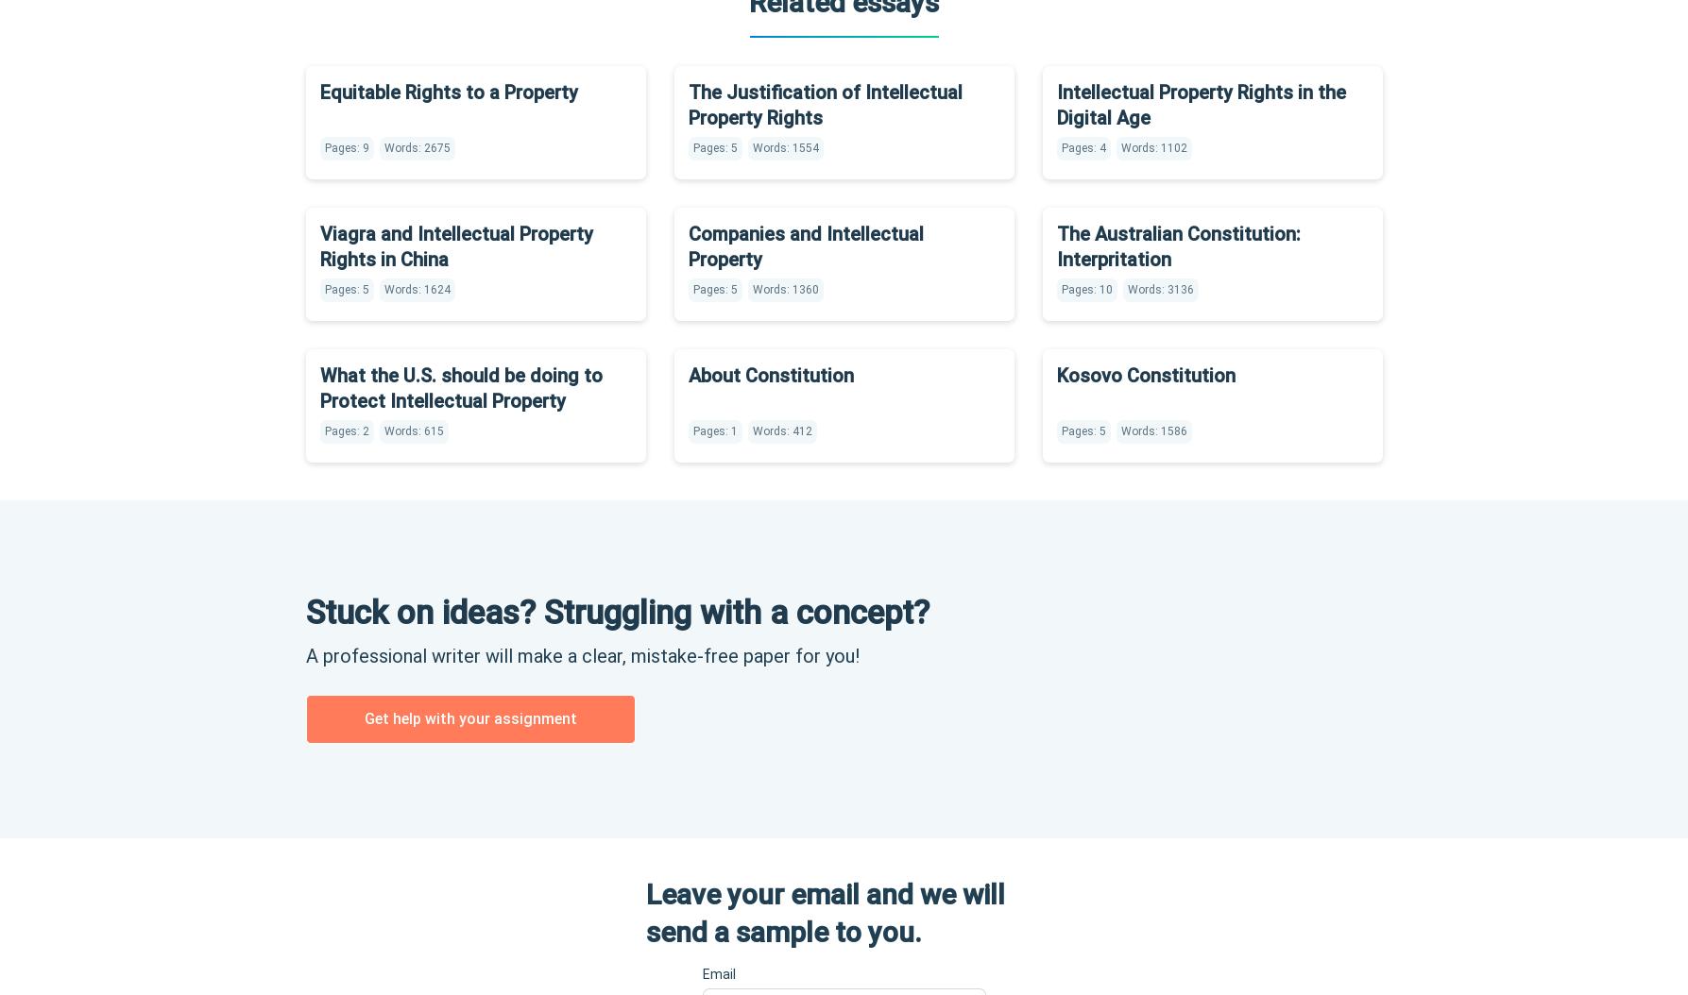 The image size is (1688, 995). What do you see at coordinates (417, 146) in the screenshot?
I see `'Words: 2675'` at bounding box center [417, 146].